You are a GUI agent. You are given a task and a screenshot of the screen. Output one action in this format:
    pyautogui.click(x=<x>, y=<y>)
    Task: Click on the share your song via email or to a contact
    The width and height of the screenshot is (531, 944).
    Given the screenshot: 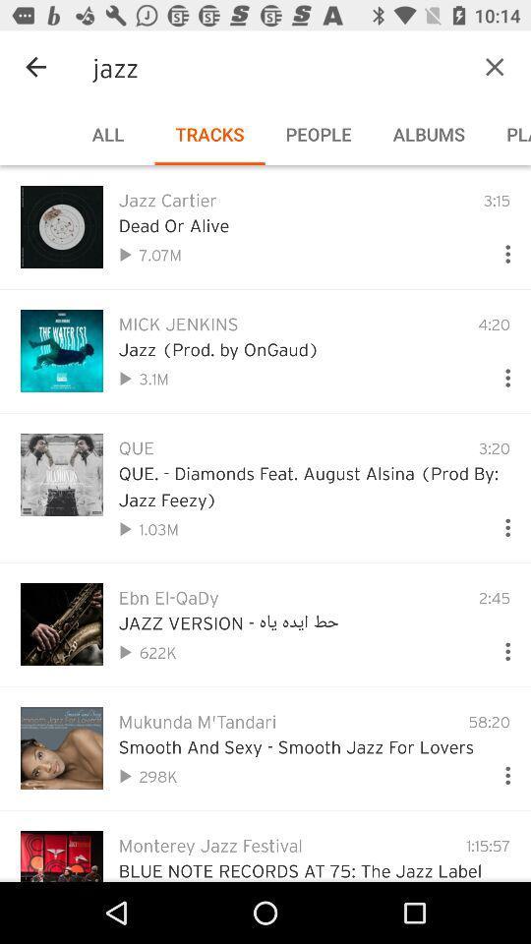 What is the action you would take?
    pyautogui.click(x=500, y=249)
    